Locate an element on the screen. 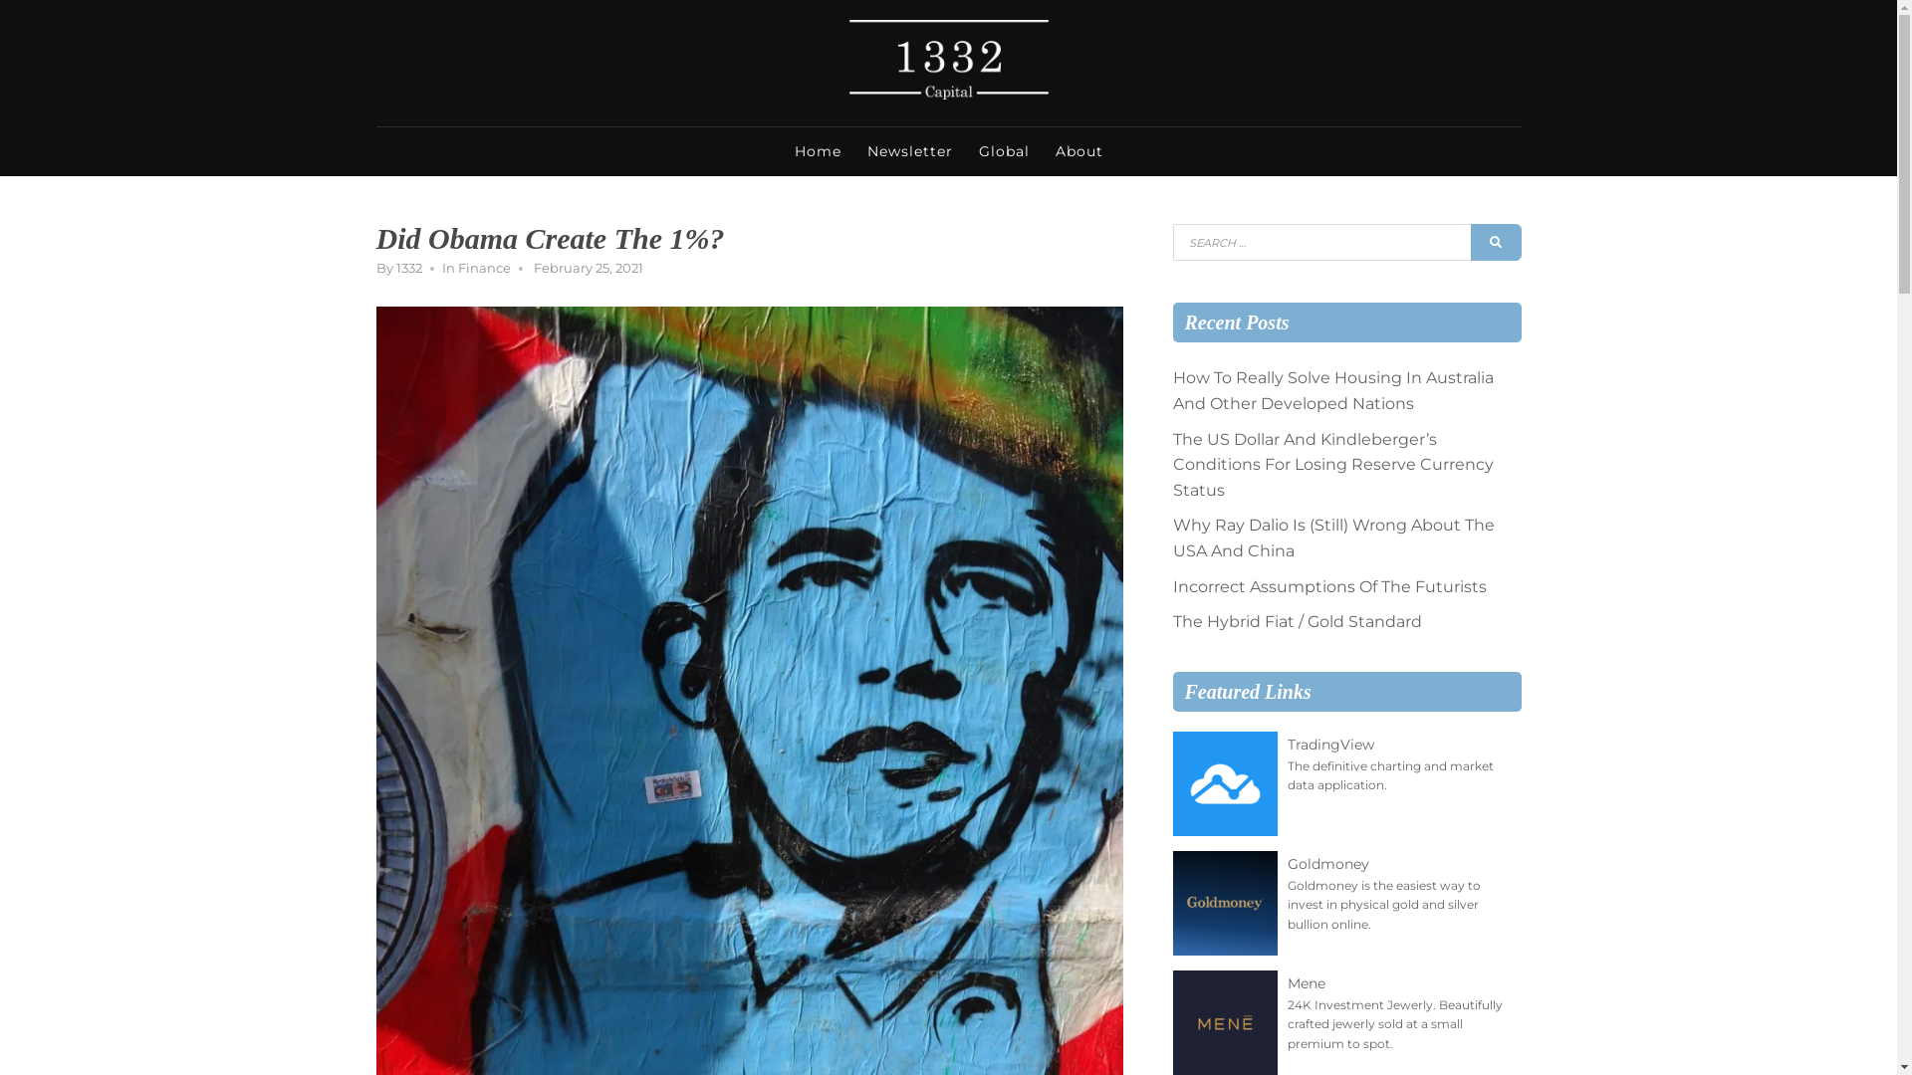 The height and width of the screenshot is (1075, 1912). 'Newsletter' is located at coordinates (855, 149).